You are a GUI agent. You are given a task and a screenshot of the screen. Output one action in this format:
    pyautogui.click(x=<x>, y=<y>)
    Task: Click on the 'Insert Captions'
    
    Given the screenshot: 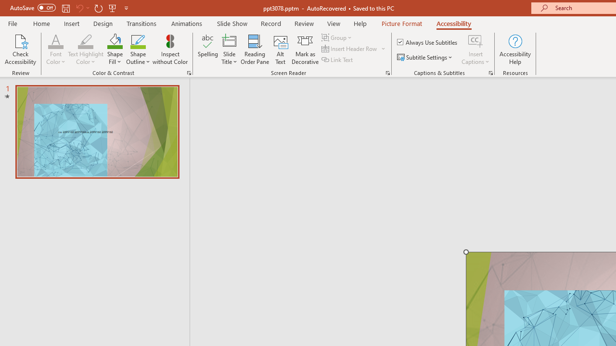 What is the action you would take?
    pyautogui.click(x=475, y=49)
    